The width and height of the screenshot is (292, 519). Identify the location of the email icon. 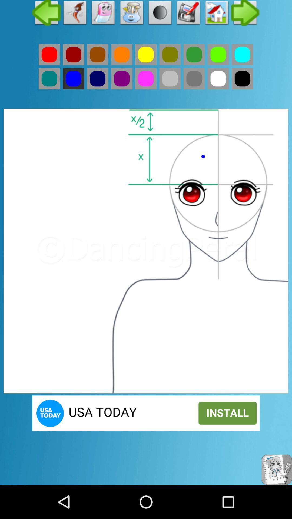
(188, 15).